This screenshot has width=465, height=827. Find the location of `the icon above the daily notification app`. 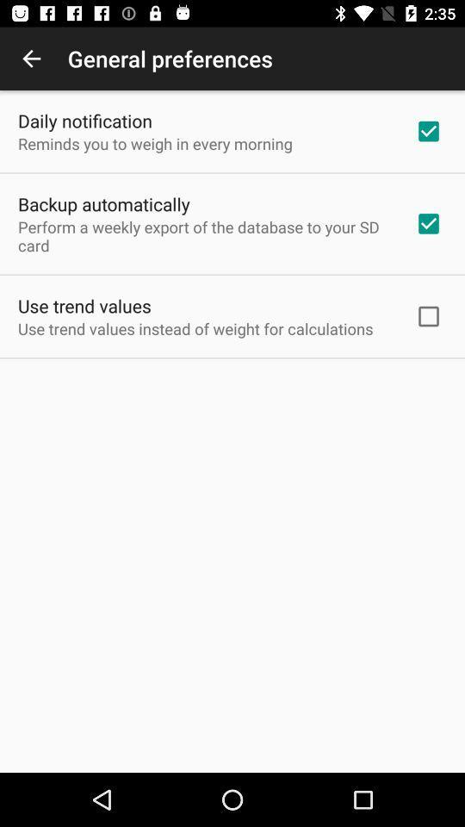

the icon above the daily notification app is located at coordinates (31, 59).